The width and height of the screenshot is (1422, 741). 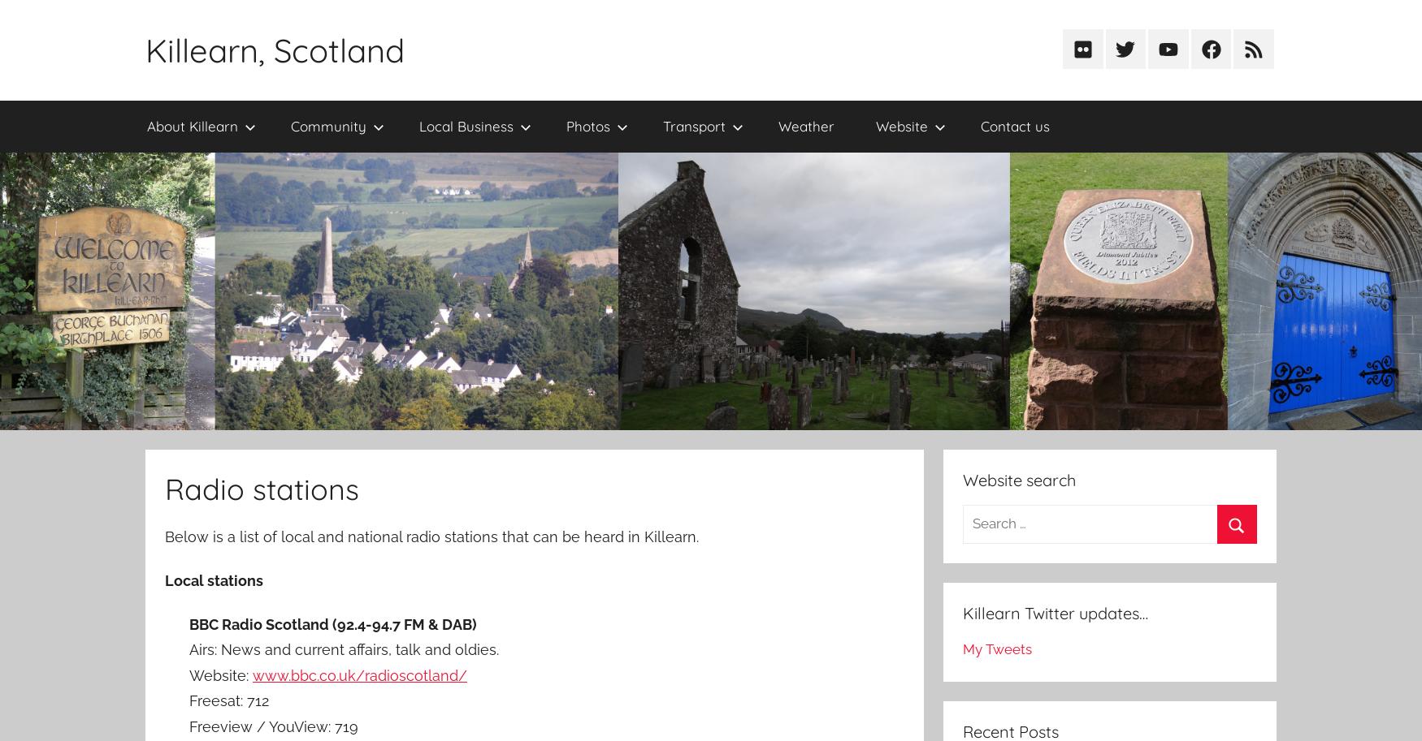 What do you see at coordinates (805, 125) in the screenshot?
I see `'Weather'` at bounding box center [805, 125].